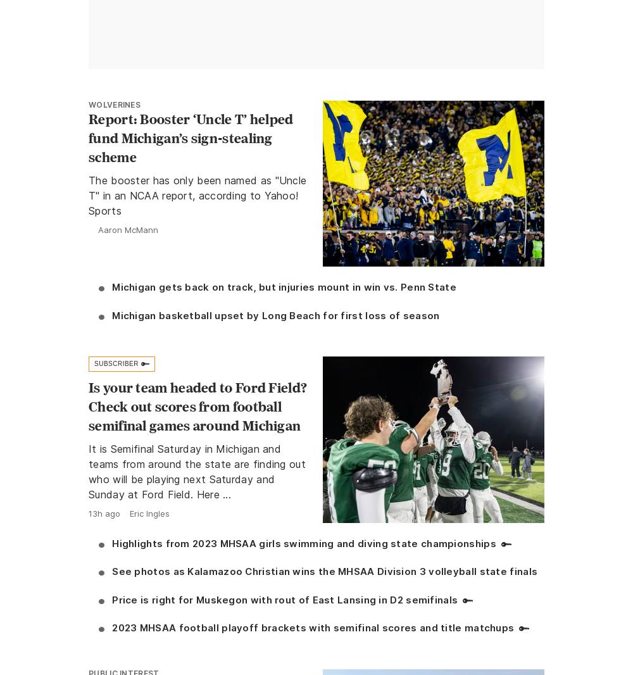 The width and height of the screenshot is (633, 675). What do you see at coordinates (284, 599) in the screenshot?
I see `'Price is right for Muskegon with rout of East Lansing in D2 semifinals'` at bounding box center [284, 599].